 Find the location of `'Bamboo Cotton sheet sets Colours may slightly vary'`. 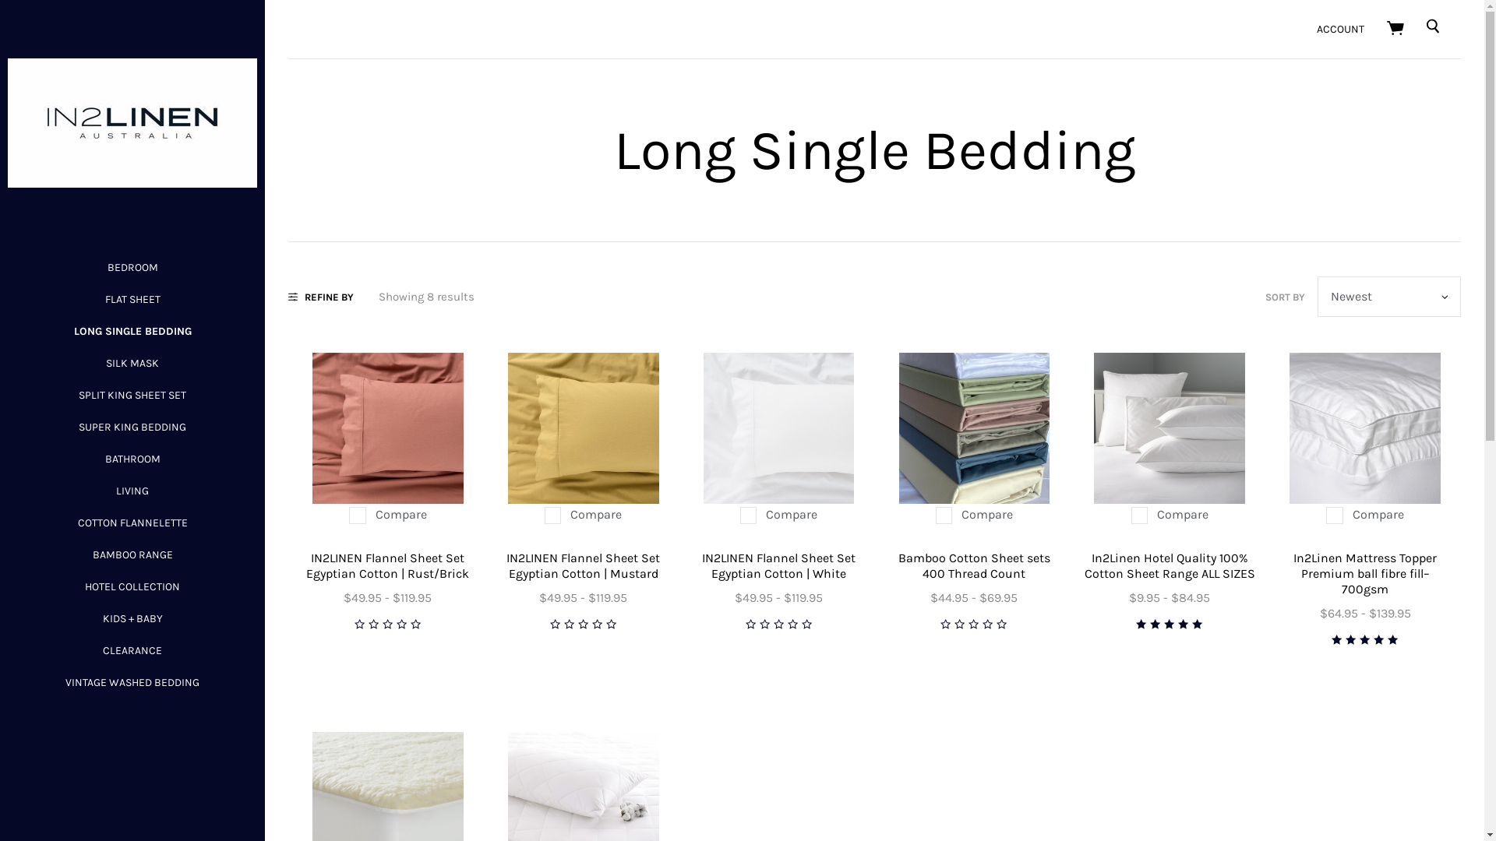

'Bamboo Cotton sheet sets Colours may slightly vary' is located at coordinates (974, 428).